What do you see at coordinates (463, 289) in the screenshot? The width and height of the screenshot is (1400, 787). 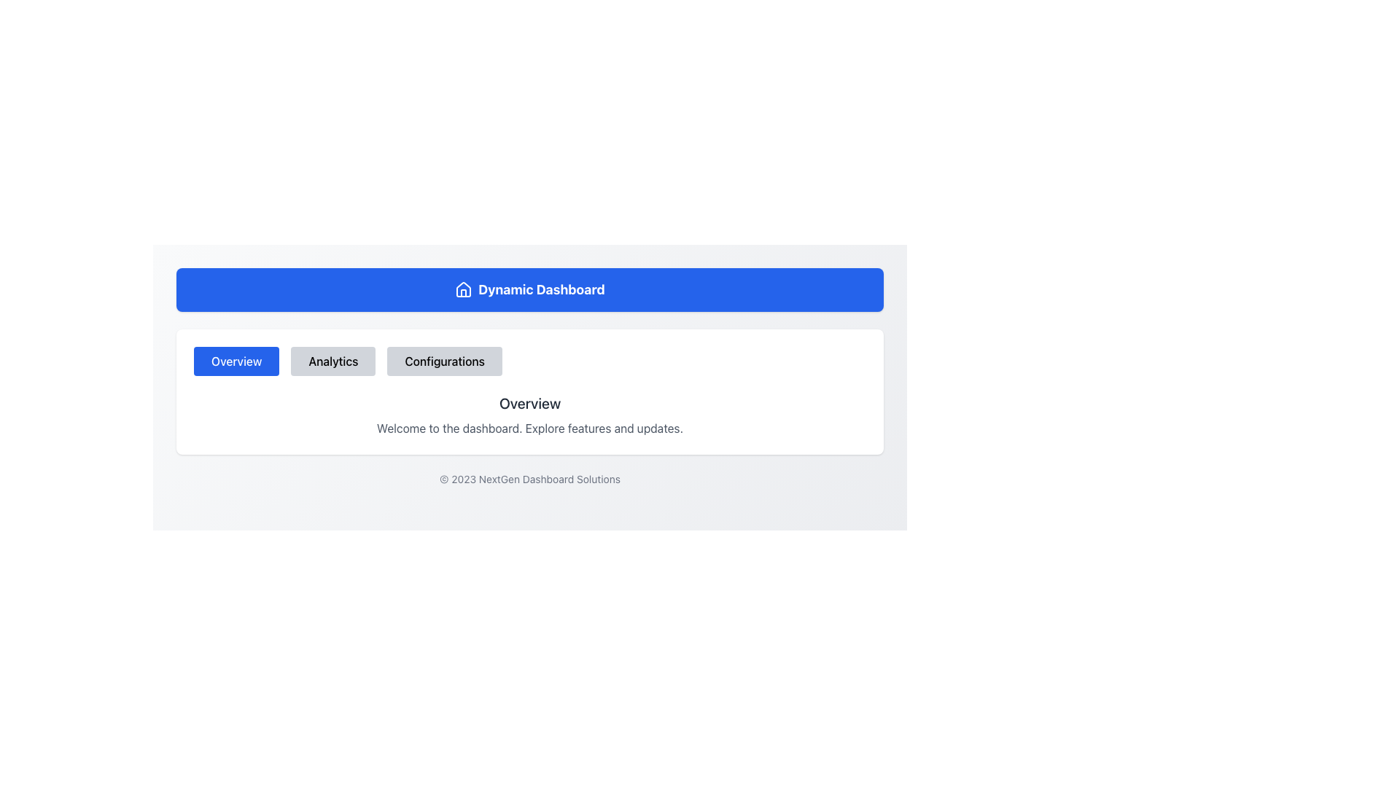 I see `the 'Home' icon located at the top center of the interface, which serves as a clickable link to navigate to the homepage` at bounding box center [463, 289].